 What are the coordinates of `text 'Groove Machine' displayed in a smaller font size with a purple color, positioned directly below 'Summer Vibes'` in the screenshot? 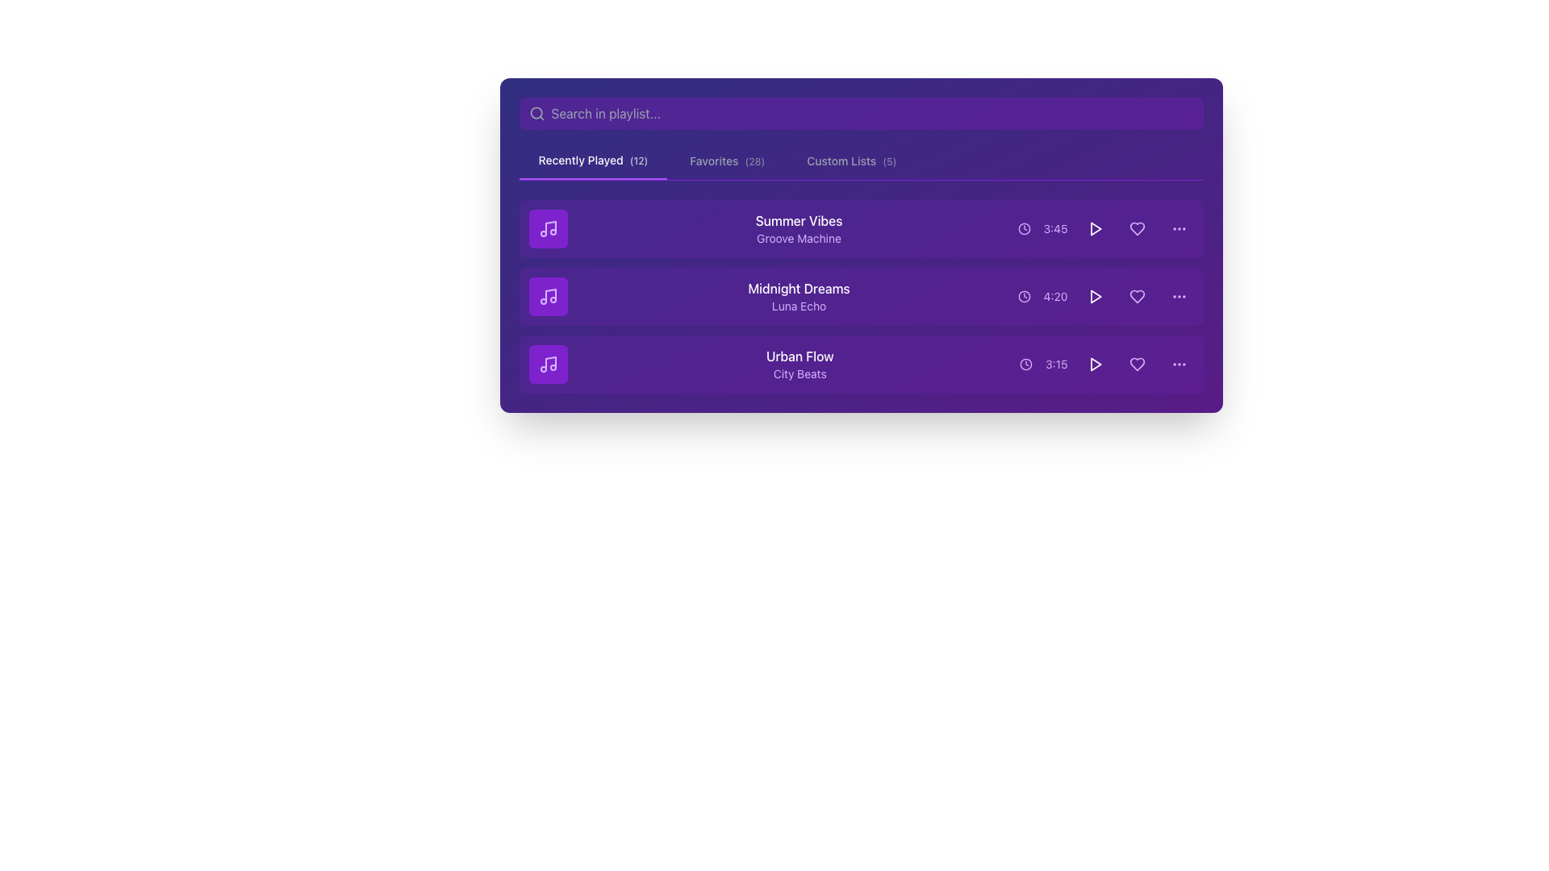 It's located at (799, 239).